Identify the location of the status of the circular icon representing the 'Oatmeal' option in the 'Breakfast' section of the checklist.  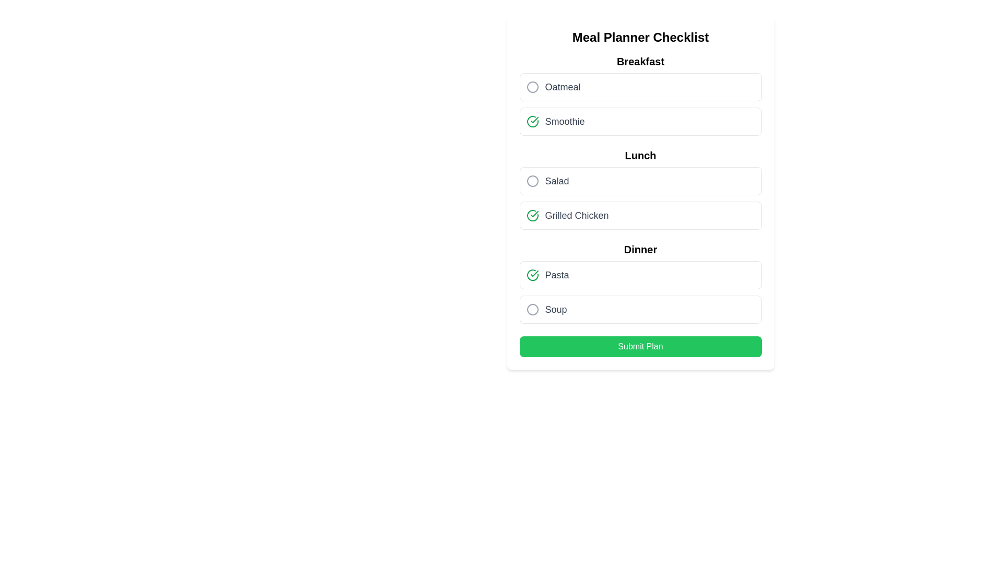
(532, 86).